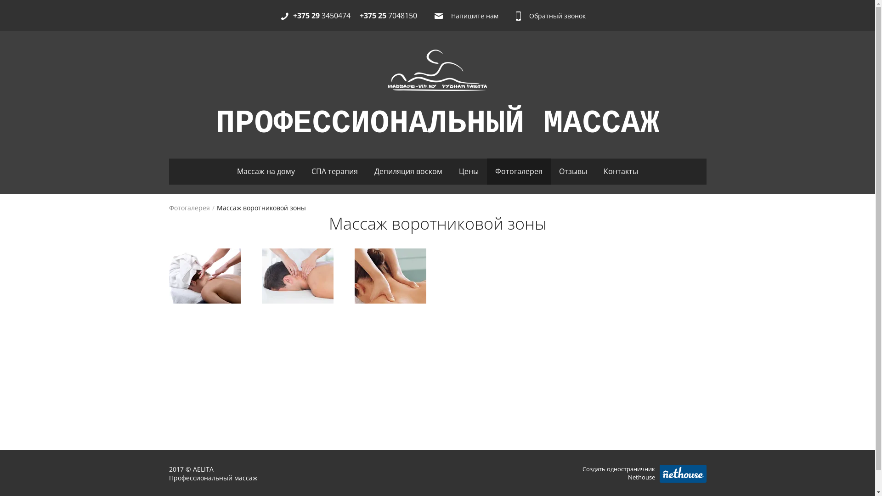 This screenshot has width=882, height=496. I want to click on 'Nethouse.ru', so click(683, 473).